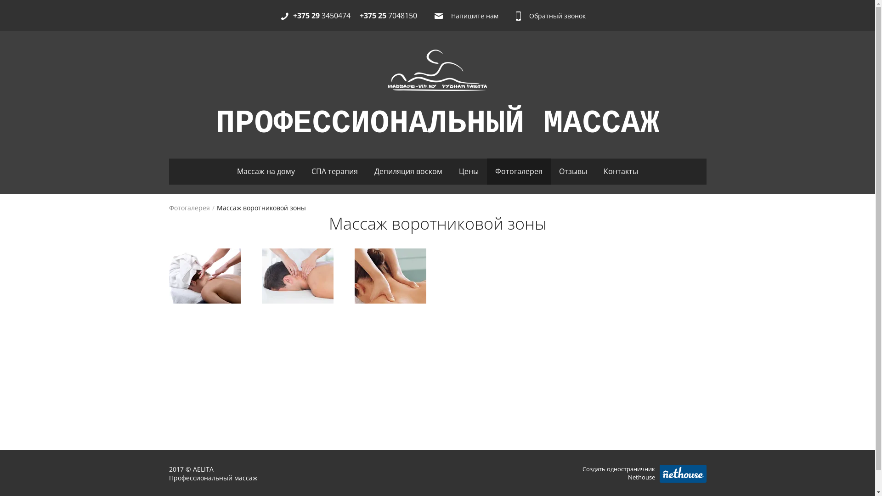 This screenshot has width=882, height=496. I want to click on 'Nethouse.ru', so click(683, 473).